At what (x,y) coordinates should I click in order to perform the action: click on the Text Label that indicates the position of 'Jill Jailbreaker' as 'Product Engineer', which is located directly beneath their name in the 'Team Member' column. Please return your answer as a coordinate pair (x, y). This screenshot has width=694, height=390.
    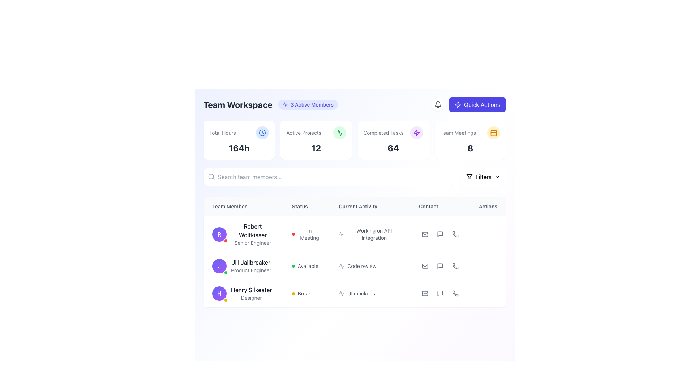
    Looking at the image, I should click on (251, 270).